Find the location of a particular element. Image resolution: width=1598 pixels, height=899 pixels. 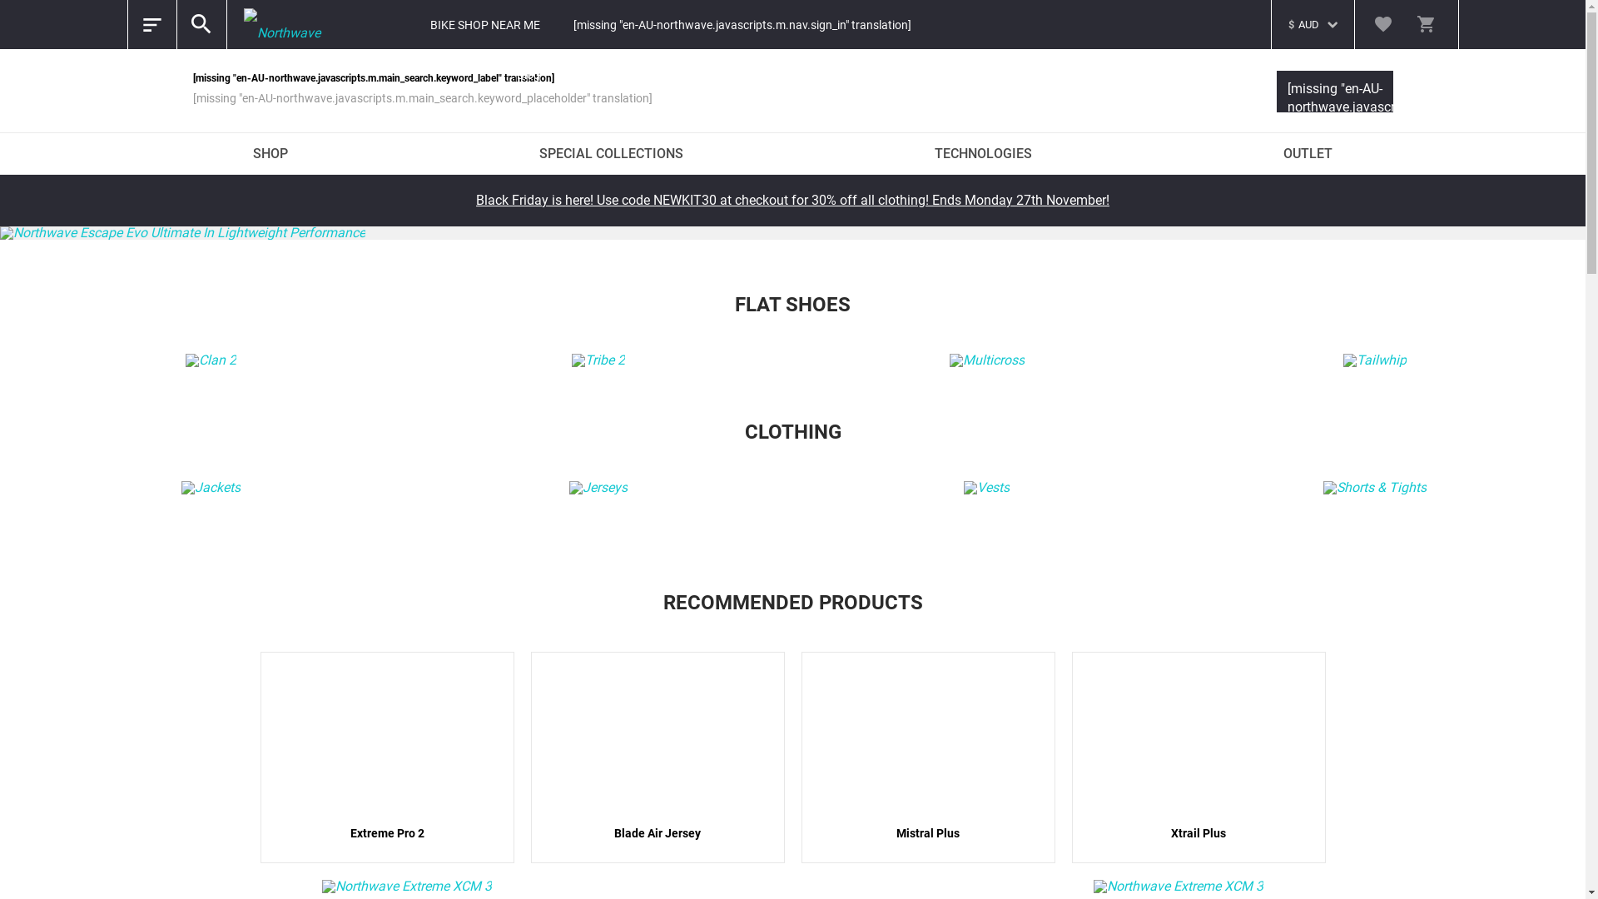

'Blade Air Jersey' is located at coordinates (657, 757).